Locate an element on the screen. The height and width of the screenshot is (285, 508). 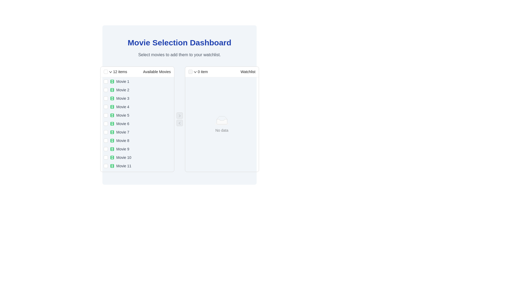
the text label for the movie entry positioned in the second row of the 'Available Movies' list, located beneath 'Movie 1' and above 'Movie 3' is located at coordinates (123, 89).